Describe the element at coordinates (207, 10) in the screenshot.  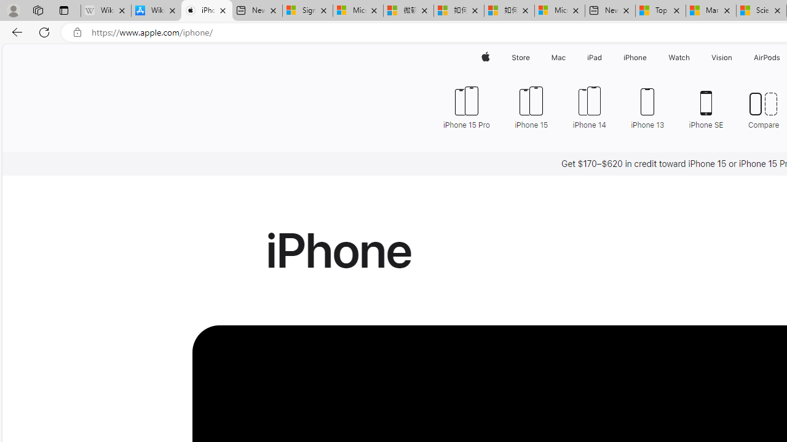
I see `'iPhone - Apple'` at that location.